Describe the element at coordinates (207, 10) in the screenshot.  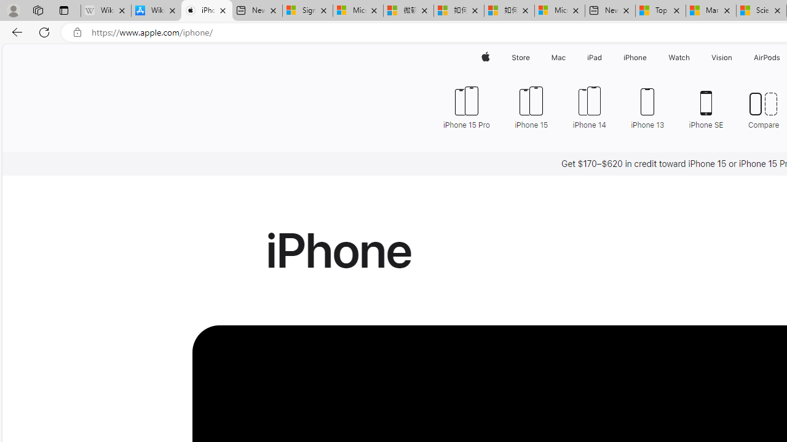
I see `'iPhone - Apple'` at that location.